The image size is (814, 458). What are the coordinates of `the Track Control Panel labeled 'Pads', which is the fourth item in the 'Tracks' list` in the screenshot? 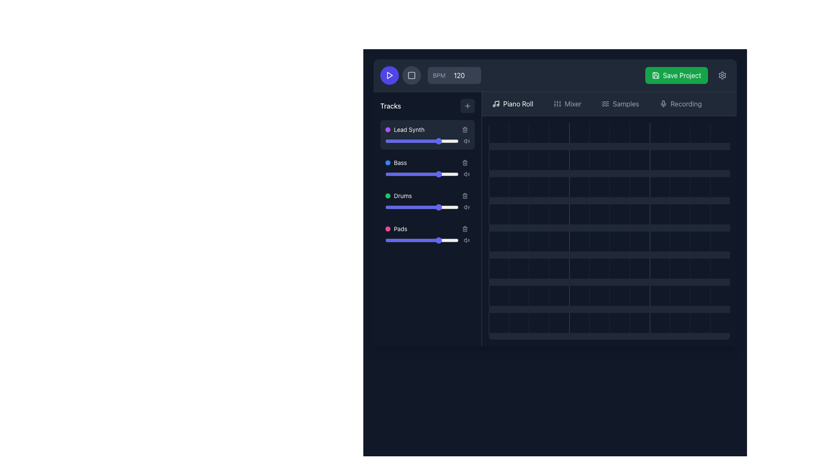 It's located at (427, 234).